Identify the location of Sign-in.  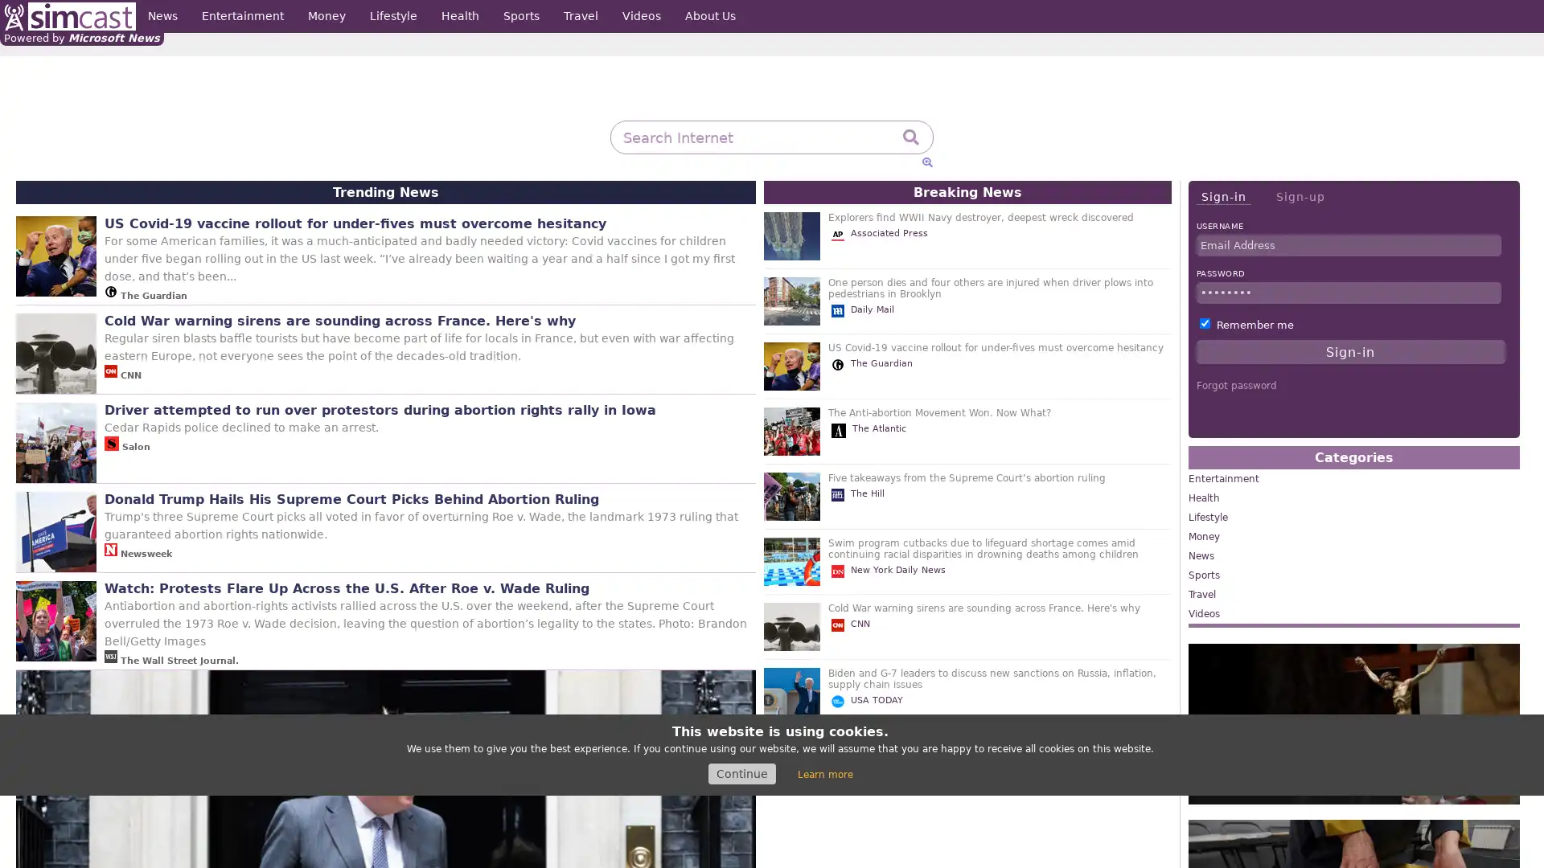
(1222, 196).